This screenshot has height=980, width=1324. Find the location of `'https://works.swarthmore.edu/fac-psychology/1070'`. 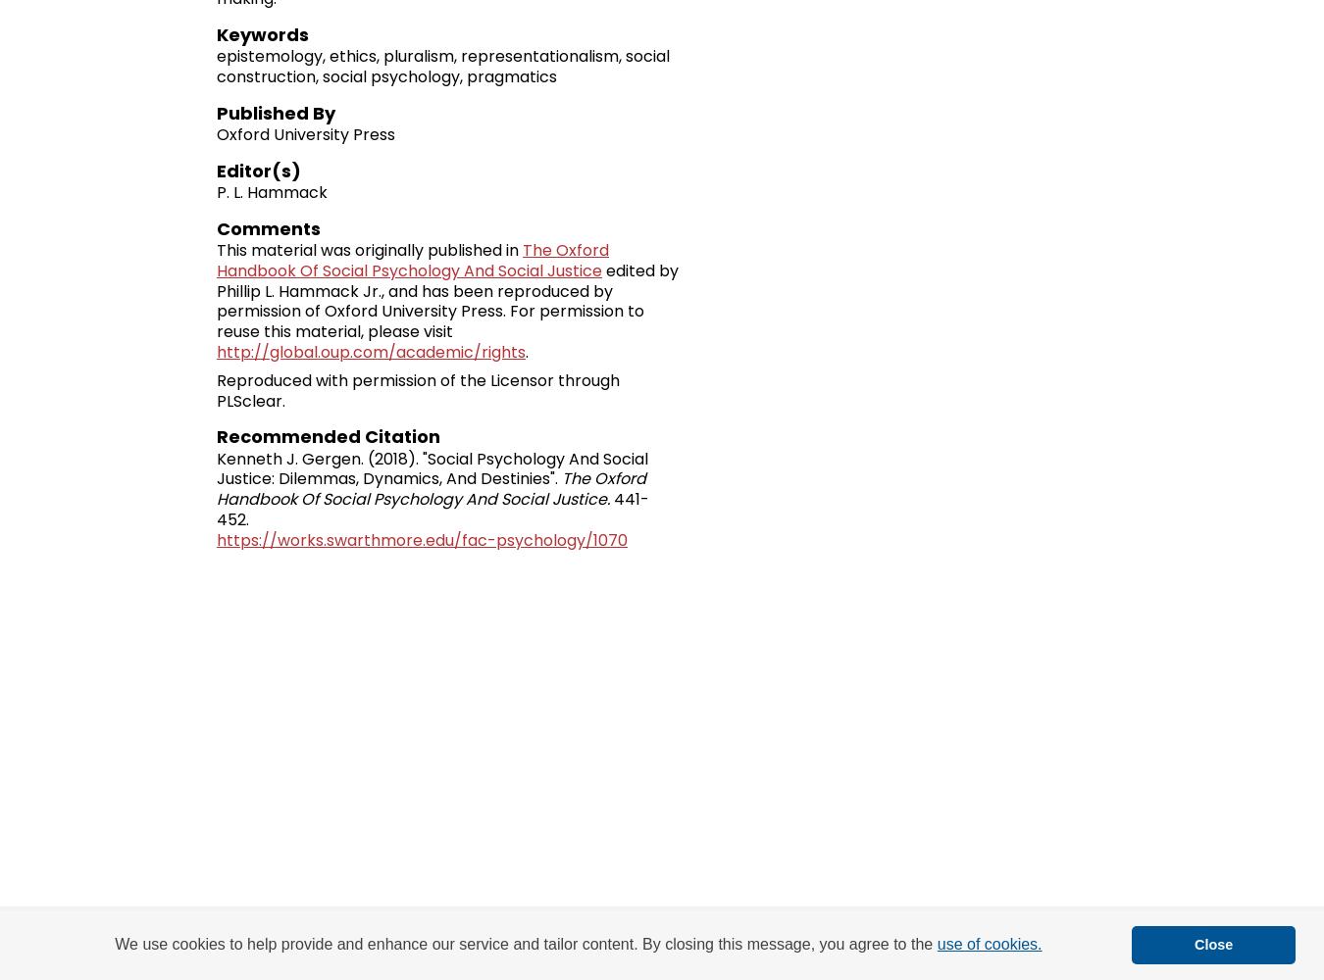

'https://works.swarthmore.edu/fac-psychology/1070' is located at coordinates (422, 539).